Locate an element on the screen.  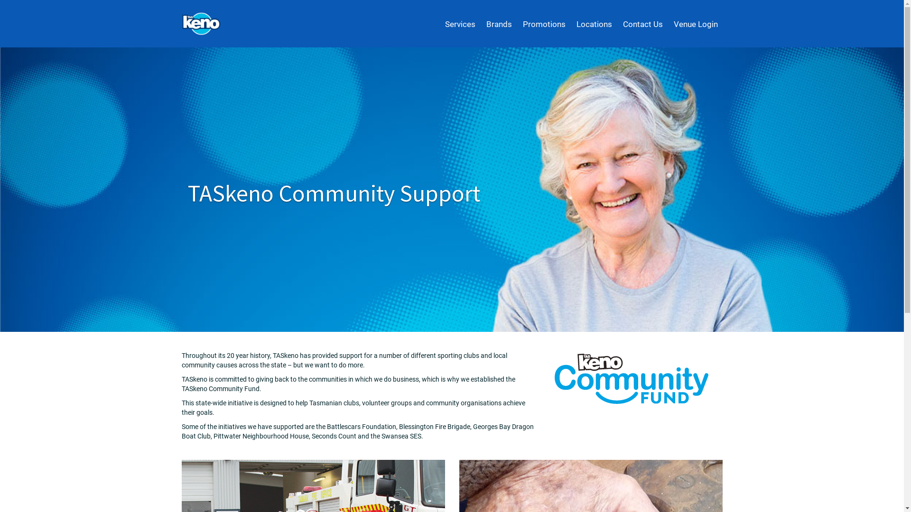
'Brands' is located at coordinates (498, 24).